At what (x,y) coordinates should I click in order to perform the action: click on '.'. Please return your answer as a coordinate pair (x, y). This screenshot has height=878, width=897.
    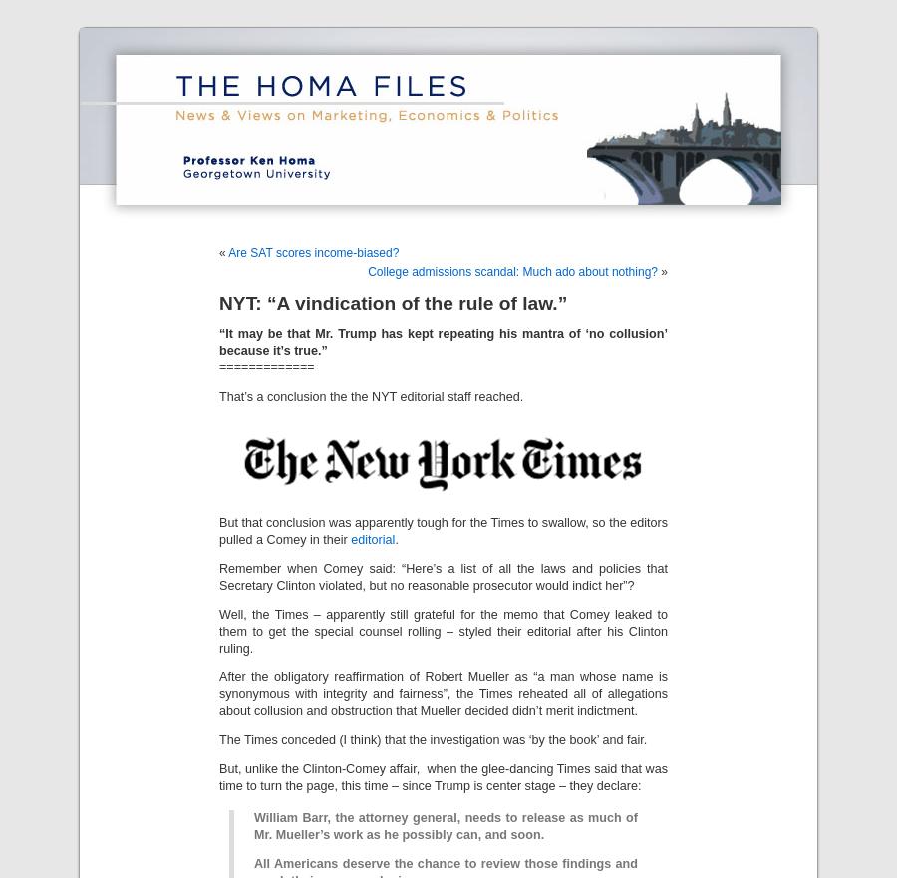
    Looking at the image, I should click on (396, 537).